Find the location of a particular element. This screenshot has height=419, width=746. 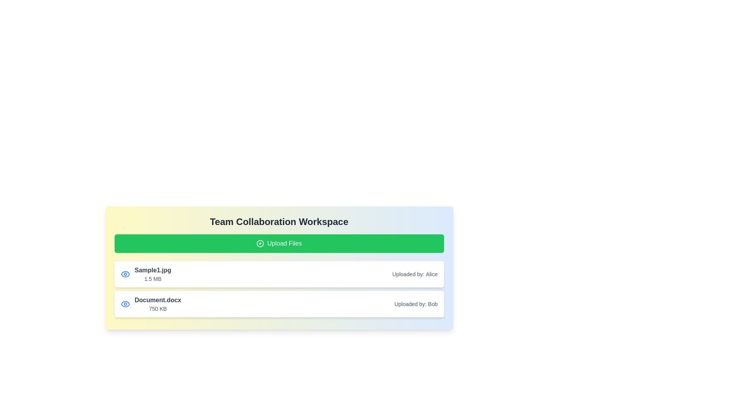

the text label displaying the name and size of the document in the file management interface is located at coordinates (151, 303).